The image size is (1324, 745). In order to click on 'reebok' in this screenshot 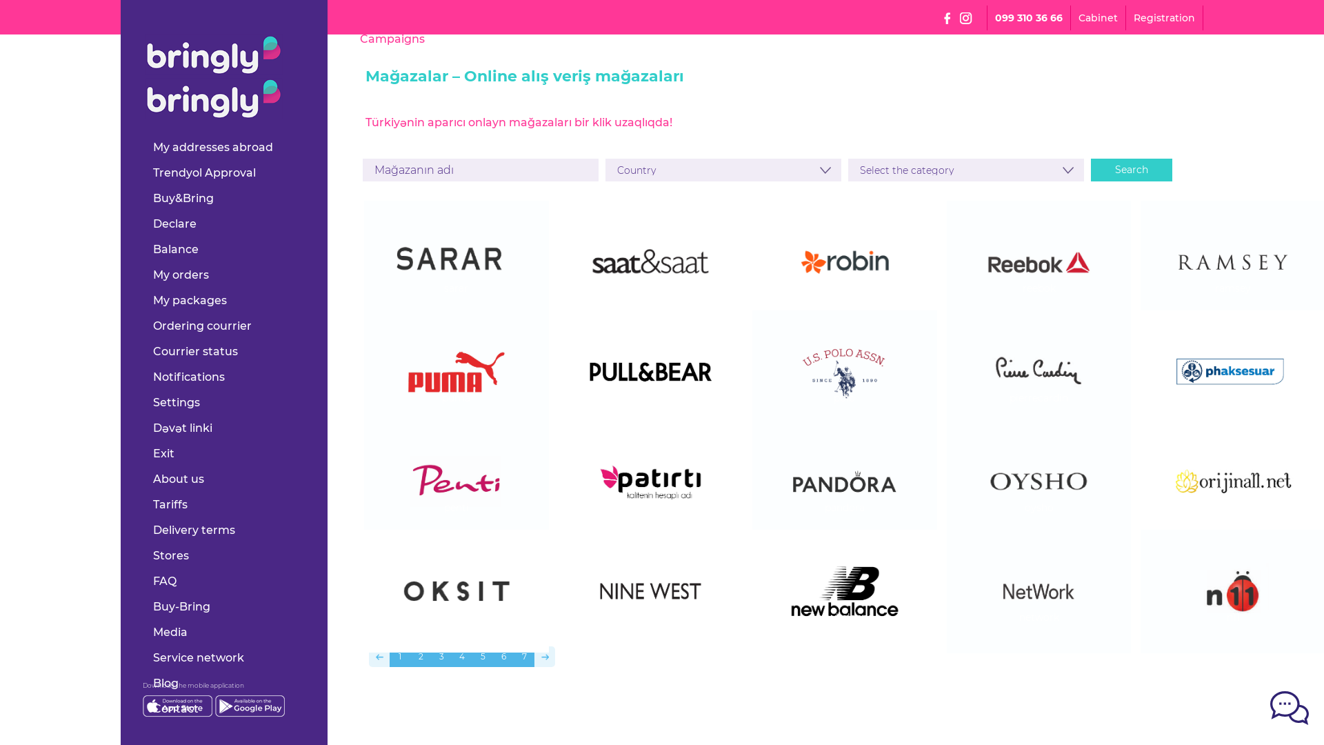, I will do `click(1039, 287)`.